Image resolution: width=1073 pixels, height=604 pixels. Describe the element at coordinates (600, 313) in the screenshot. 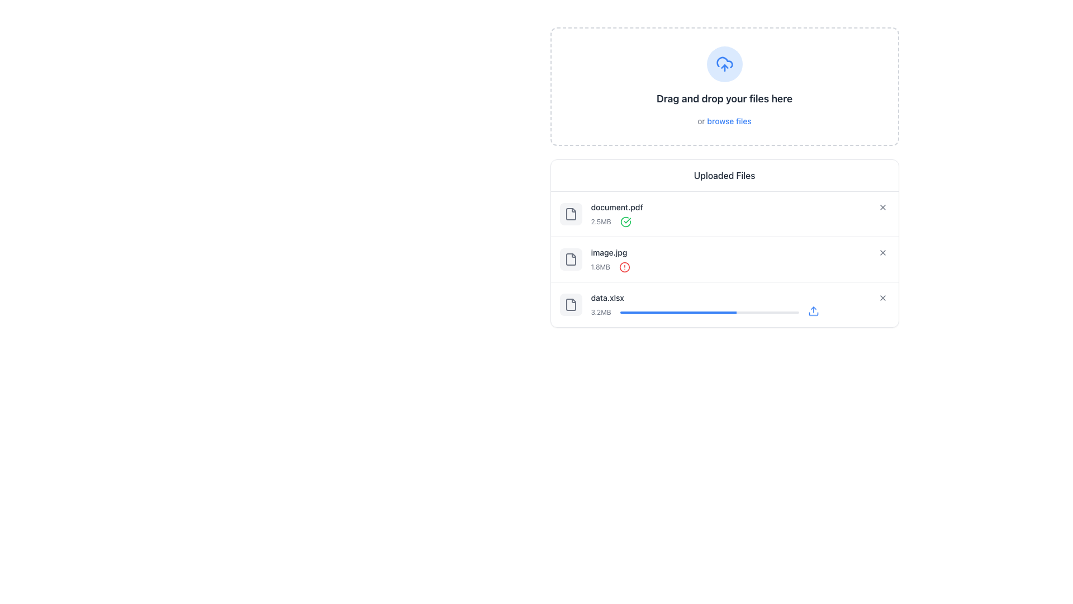

I see `the text label that displays the file size information for 'data.xlsx', which is located directly beneath the filename and aligns with the file progress bar` at that location.